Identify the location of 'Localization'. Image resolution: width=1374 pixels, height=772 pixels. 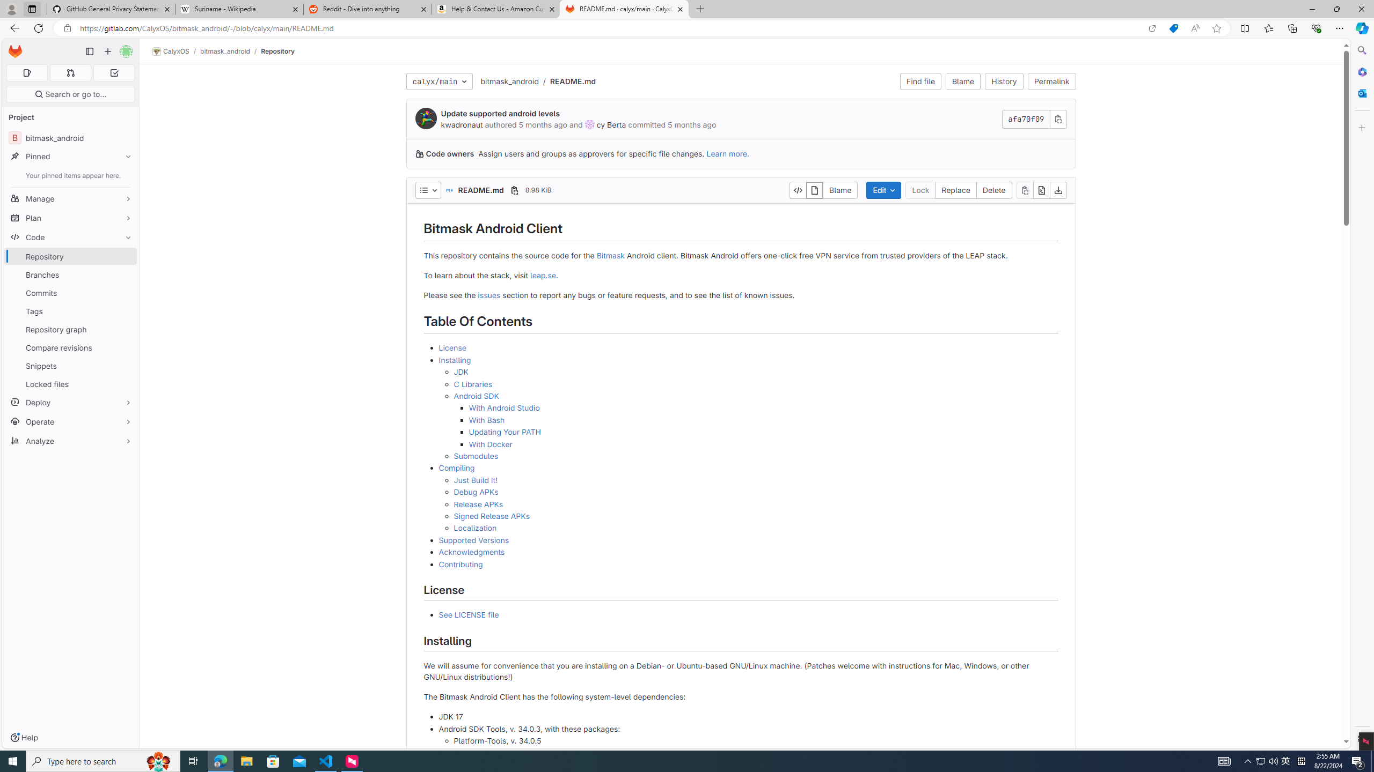
(474, 528).